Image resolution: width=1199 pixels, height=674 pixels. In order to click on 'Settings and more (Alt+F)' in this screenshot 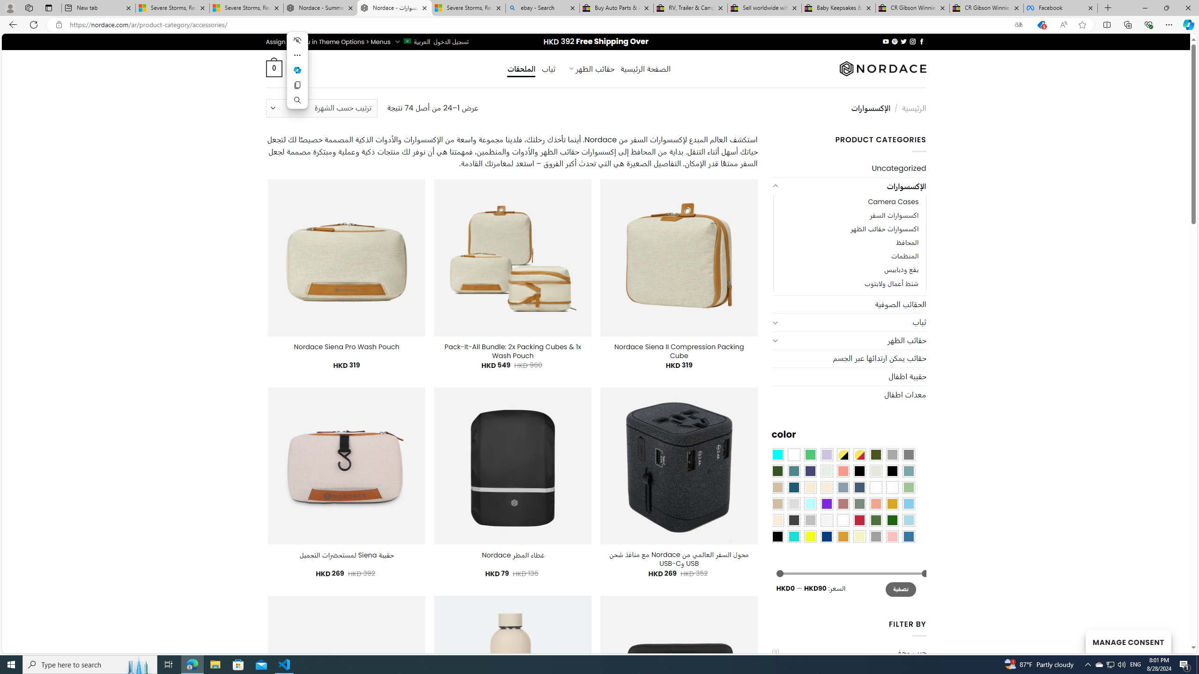, I will do `click(1169, 24)`.